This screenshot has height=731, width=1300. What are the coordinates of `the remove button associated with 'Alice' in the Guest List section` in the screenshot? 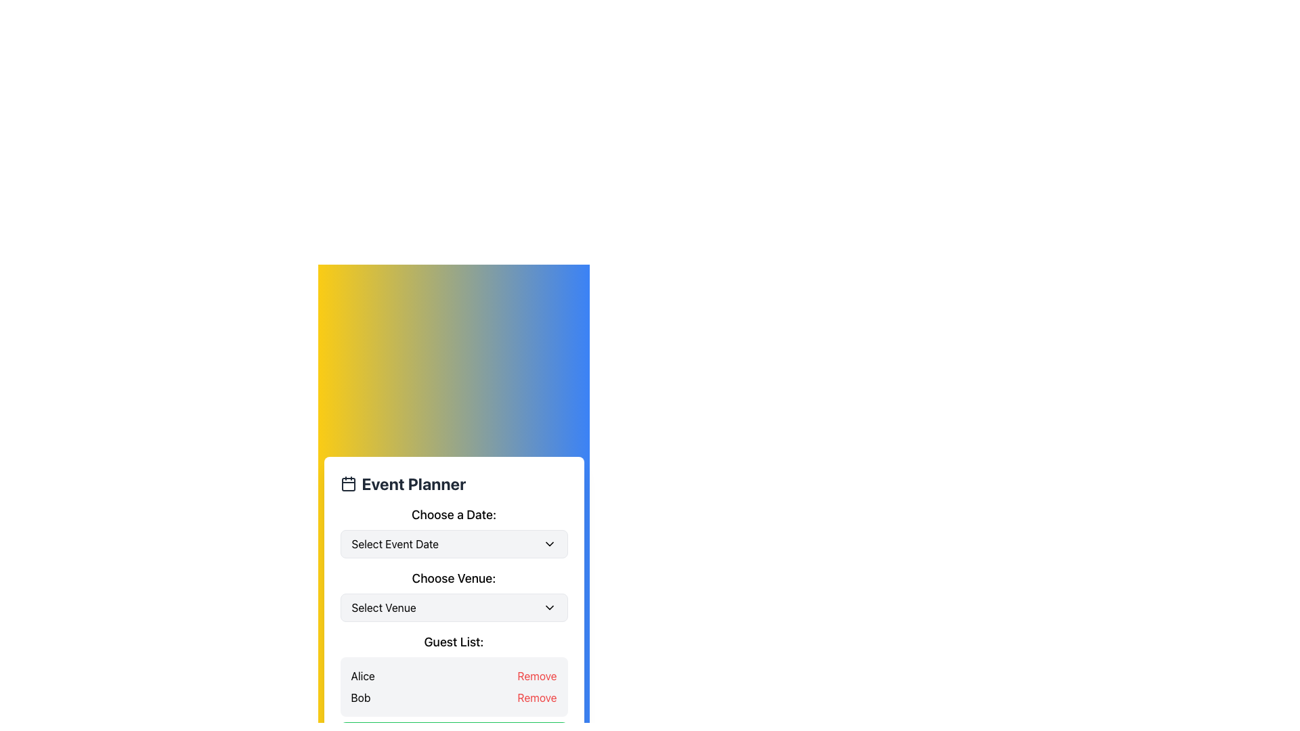 It's located at (536, 676).